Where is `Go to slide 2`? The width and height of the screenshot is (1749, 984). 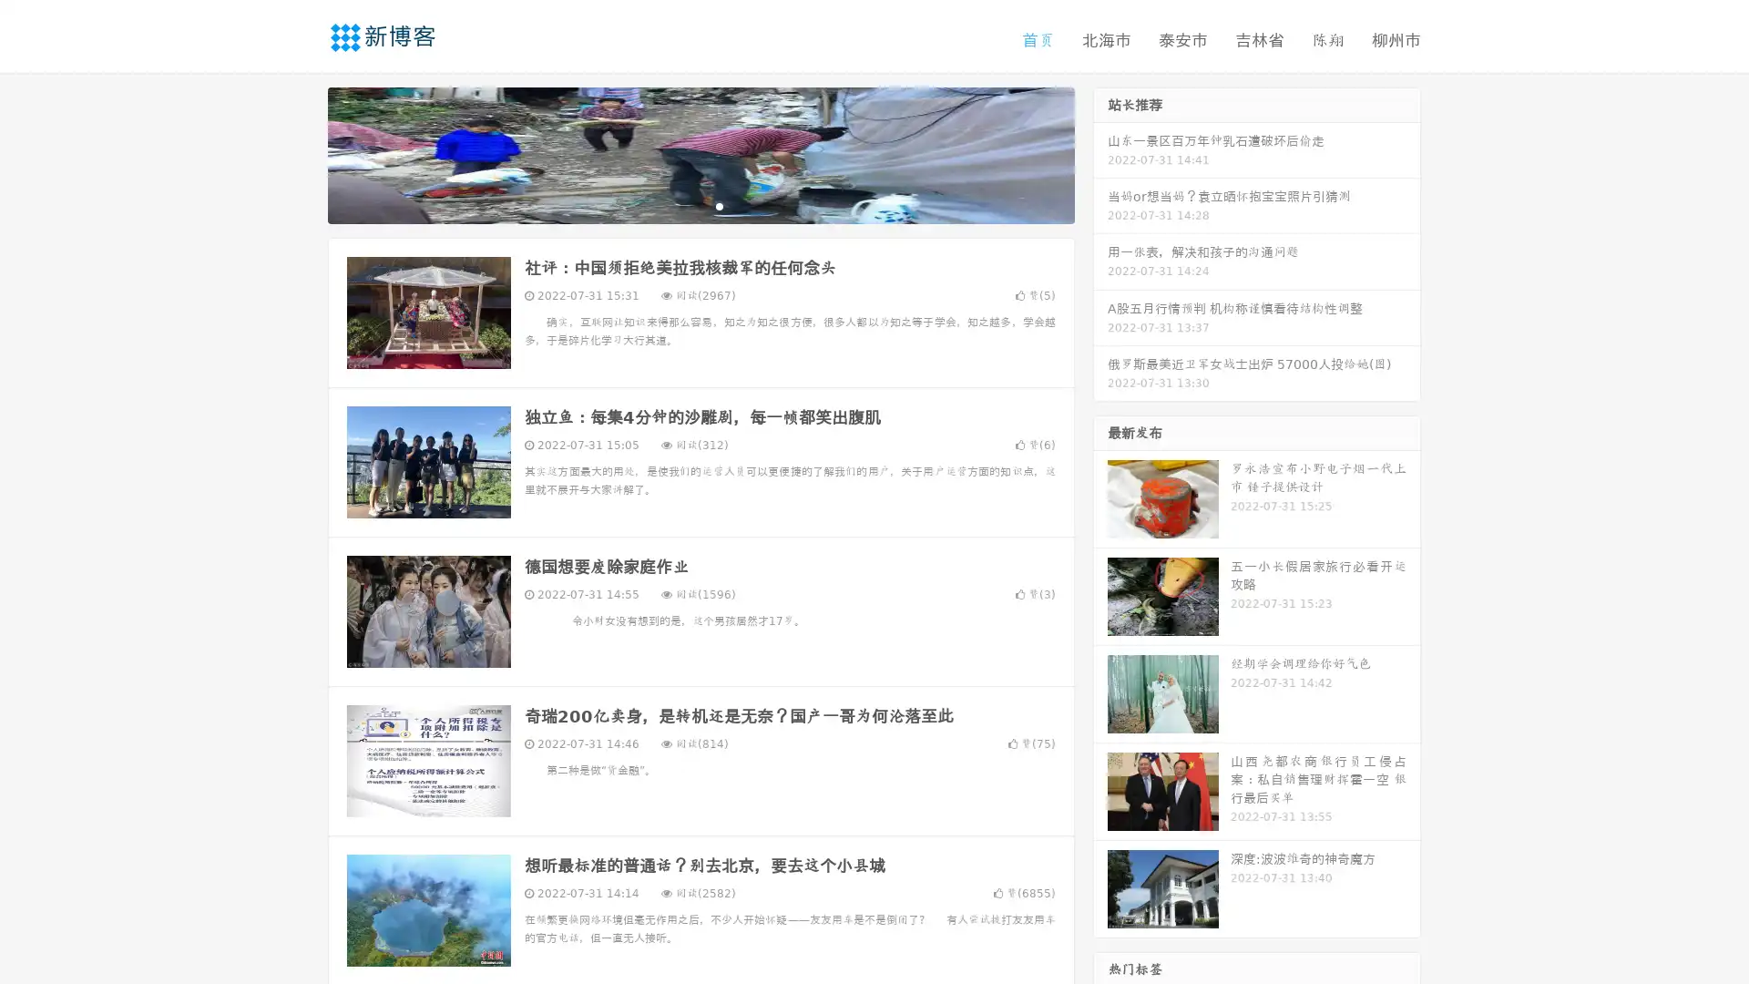 Go to slide 2 is located at coordinates (700, 205).